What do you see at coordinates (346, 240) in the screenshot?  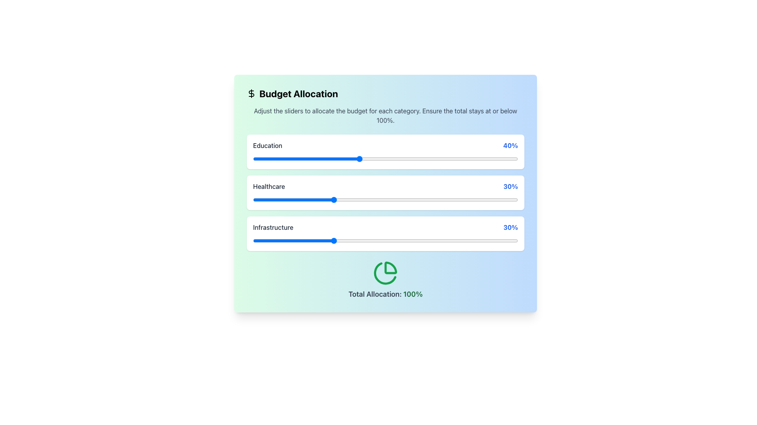 I see `the infrastructure budget slider` at bounding box center [346, 240].